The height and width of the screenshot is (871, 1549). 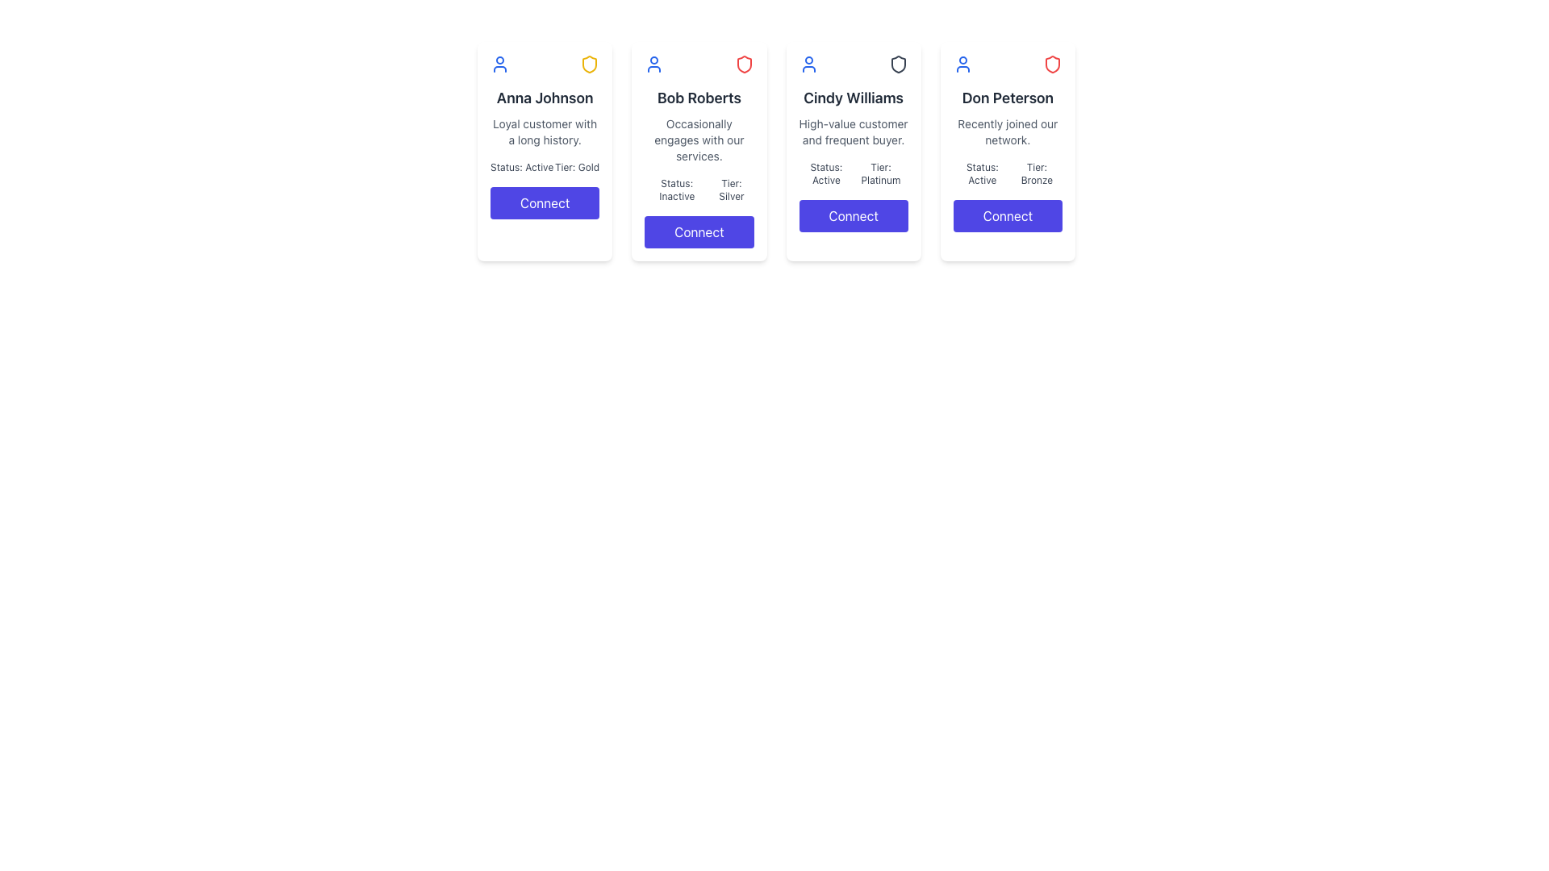 What do you see at coordinates (545, 131) in the screenshot?
I see `text segment stating 'Loyal customer with a long history.' located beneath 'Anna Johnson' within the leftmost profile card` at bounding box center [545, 131].